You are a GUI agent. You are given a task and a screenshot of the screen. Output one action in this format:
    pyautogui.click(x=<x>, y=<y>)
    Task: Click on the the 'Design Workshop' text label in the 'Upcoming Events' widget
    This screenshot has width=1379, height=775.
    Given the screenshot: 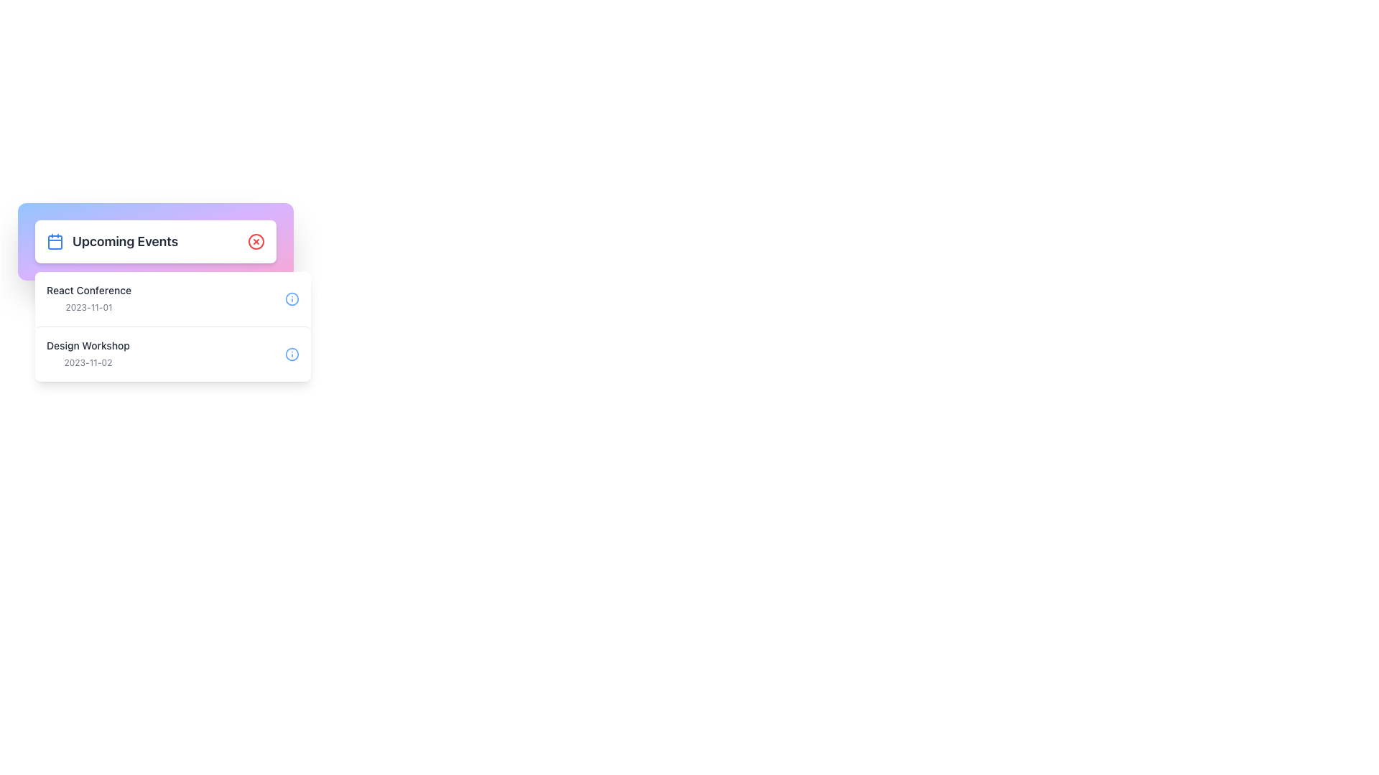 What is the action you would take?
    pyautogui.click(x=87, y=346)
    